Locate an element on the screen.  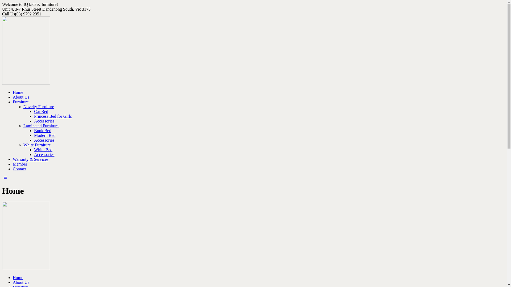
'Home' is located at coordinates (18, 277).